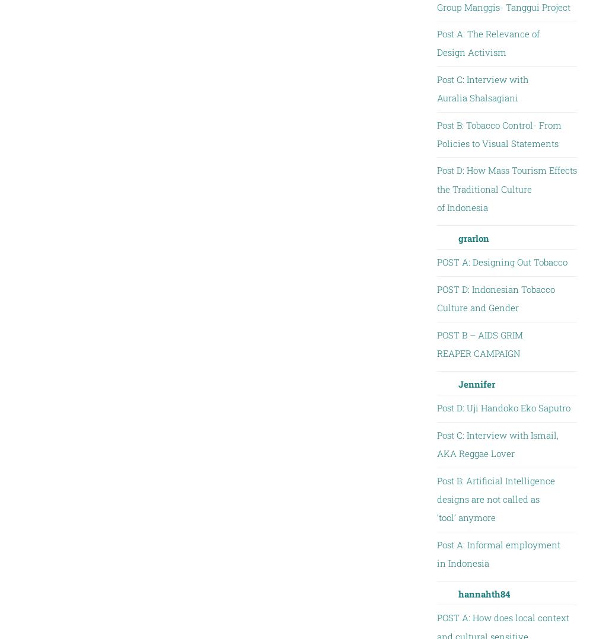 Image resolution: width=593 pixels, height=639 pixels. What do you see at coordinates (502, 407) in the screenshot?
I see `'Post D: Uji Handoko Eko Saputro'` at bounding box center [502, 407].